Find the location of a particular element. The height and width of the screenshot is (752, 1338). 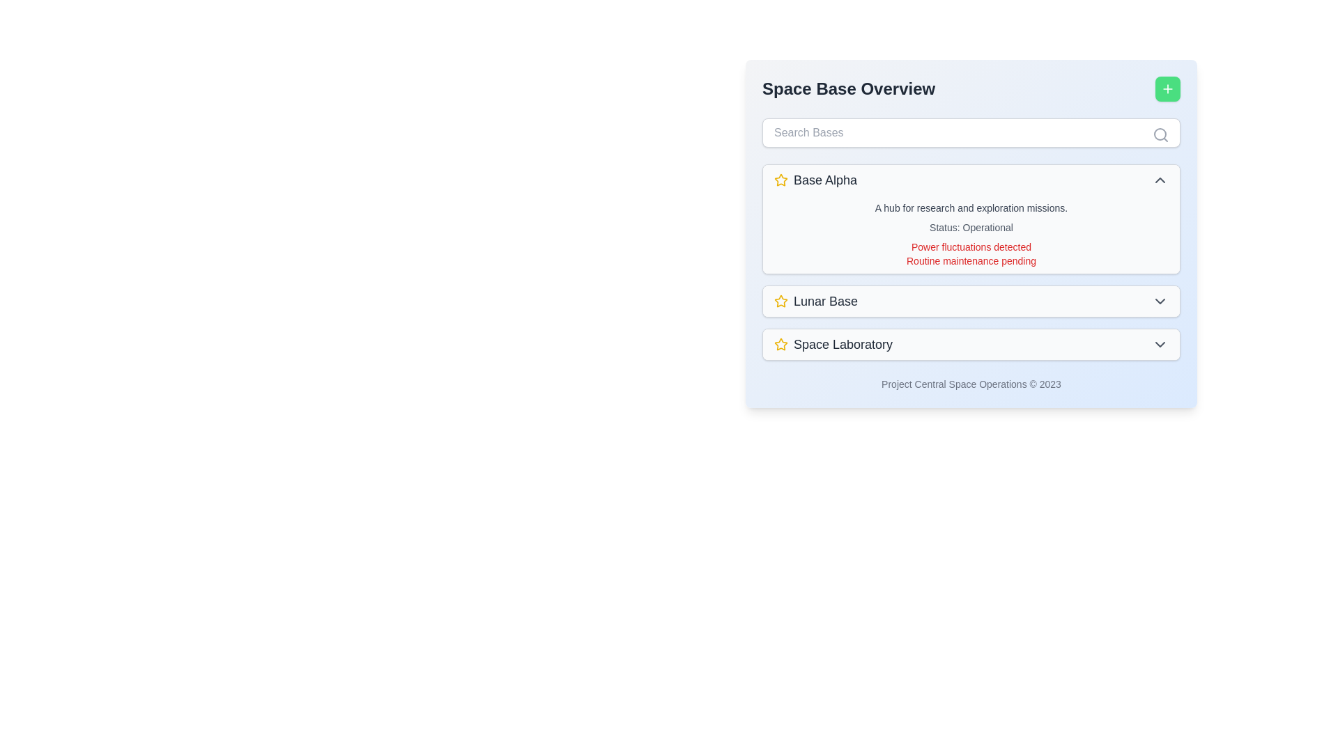

the clickable list item representing 'Space Laboratory' is located at coordinates (833, 344).